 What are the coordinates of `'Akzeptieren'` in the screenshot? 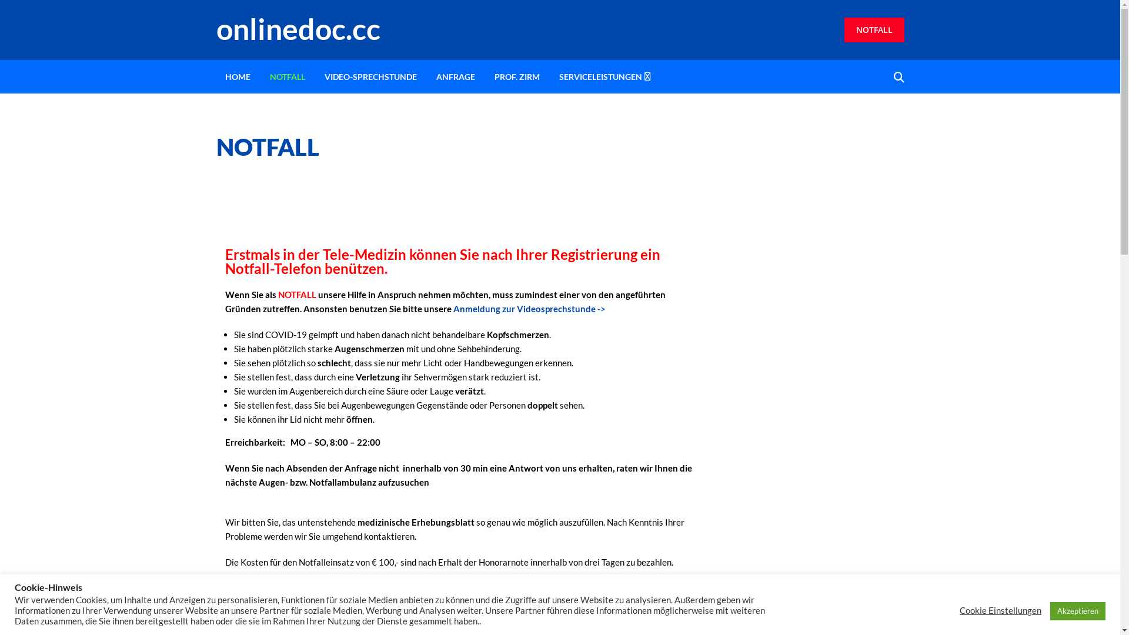 It's located at (1078, 610).